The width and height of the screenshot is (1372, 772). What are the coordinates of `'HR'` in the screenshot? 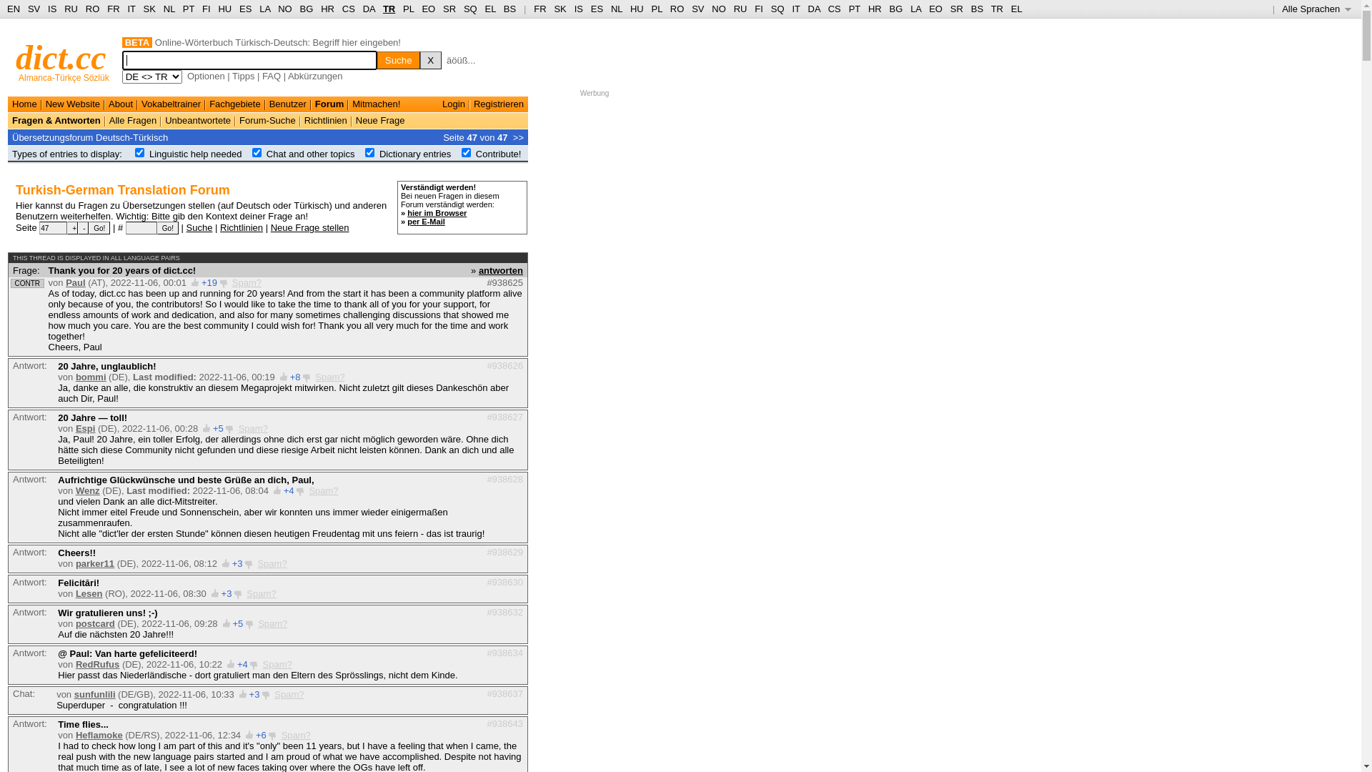 It's located at (874, 9).